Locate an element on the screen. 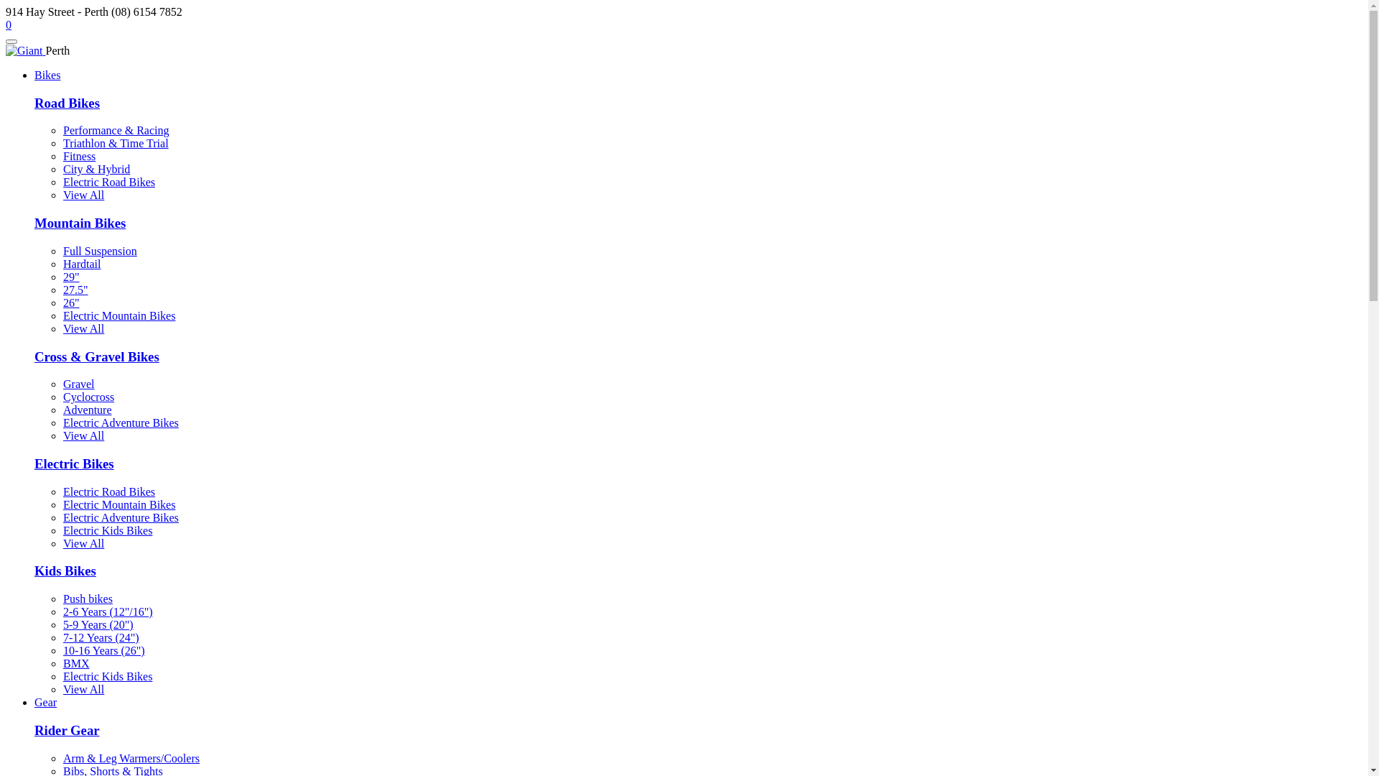 The width and height of the screenshot is (1379, 776). 'Cross & Gravel Bikes' is located at coordinates (96, 356).